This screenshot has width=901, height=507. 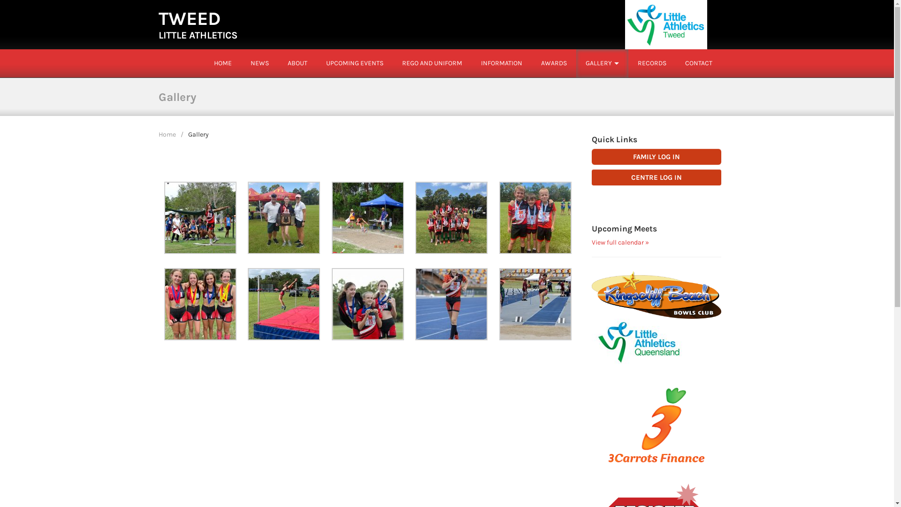 What do you see at coordinates (326, 63) in the screenshot?
I see `'UPCOMING EVENTS'` at bounding box center [326, 63].